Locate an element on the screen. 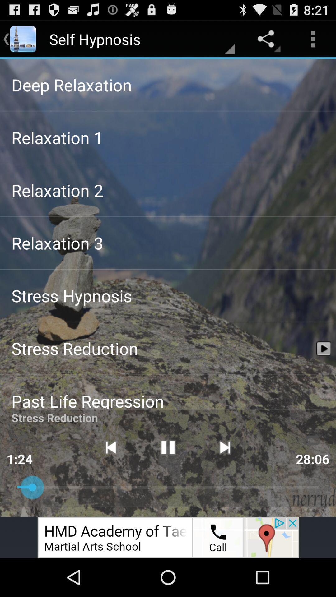 This screenshot has width=336, height=597. the skip_previous icon is located at coordinates (110, 478).